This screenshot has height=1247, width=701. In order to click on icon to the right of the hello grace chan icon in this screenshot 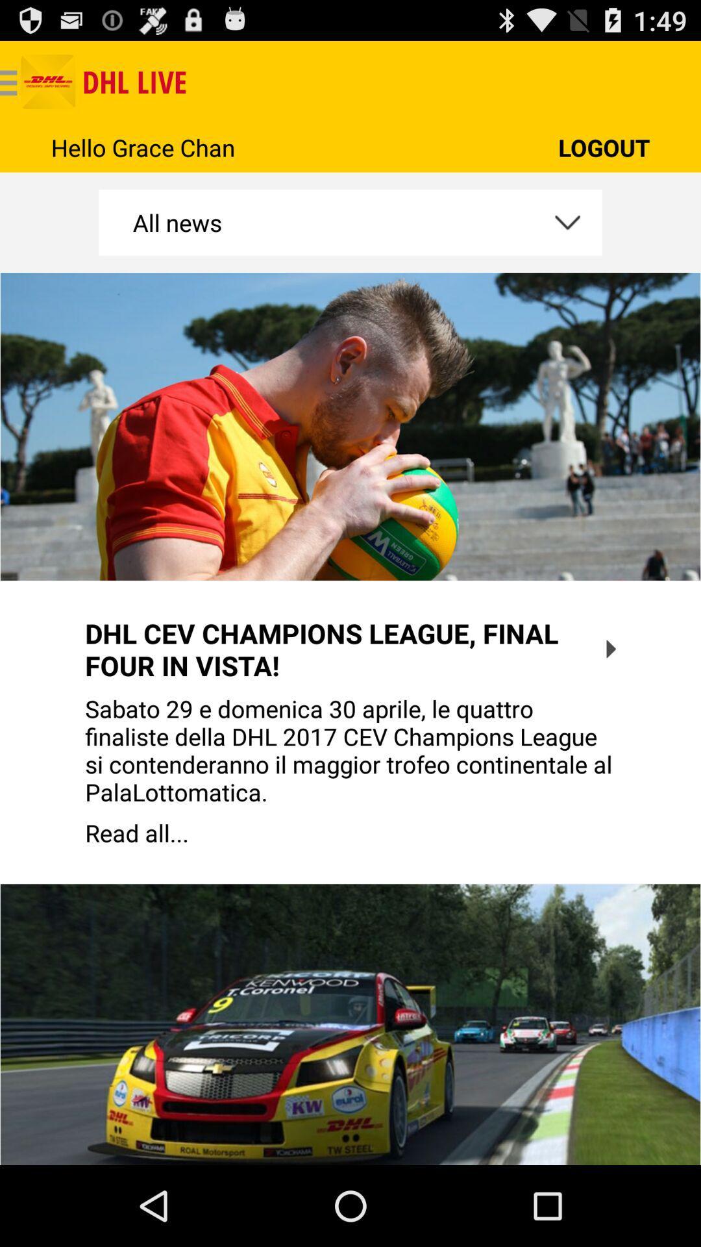, I will do `click(604, 147)`.